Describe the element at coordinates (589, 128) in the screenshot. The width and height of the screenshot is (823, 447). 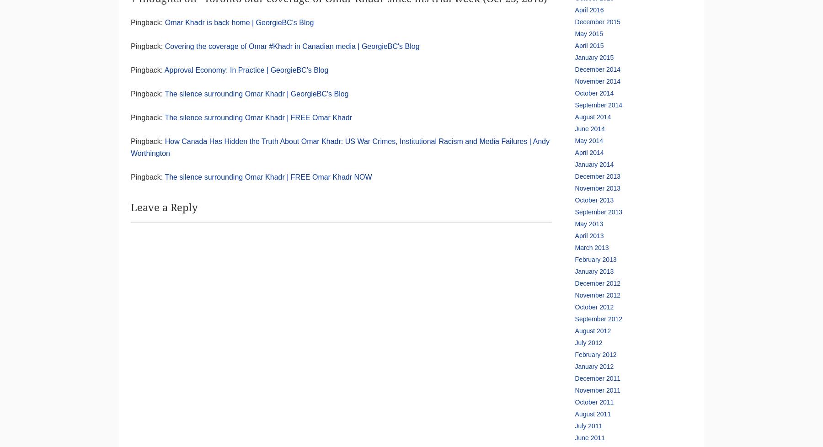
I see `'June 2014'` at that location.